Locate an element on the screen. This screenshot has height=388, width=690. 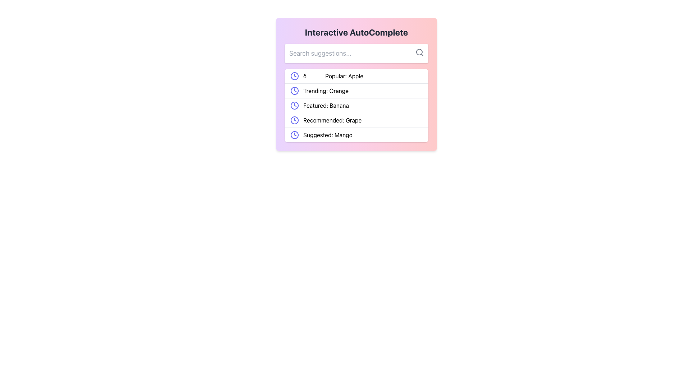
the list item displaying the text '🌟 Popular: Apple' next to the indigo-colored clock icon is located at coordinates (356, 76).